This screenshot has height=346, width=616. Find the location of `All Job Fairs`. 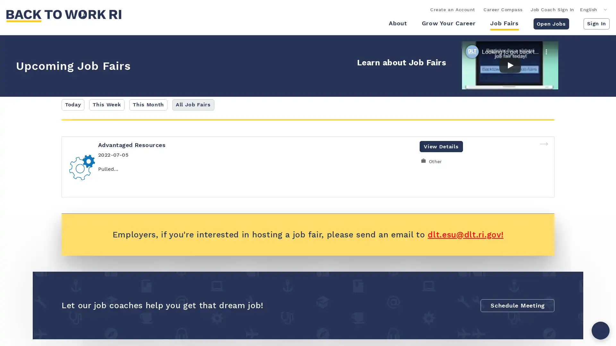

All Job Fairs is located at coordinates (193, 104).